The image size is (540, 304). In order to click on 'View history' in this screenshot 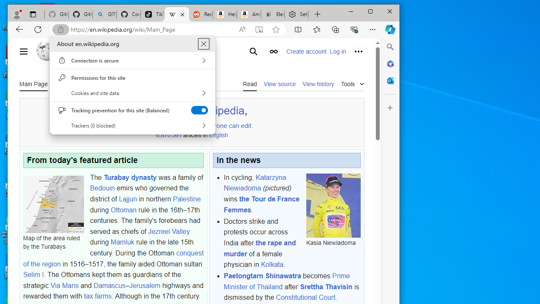, I will do `click(318, 83)`.